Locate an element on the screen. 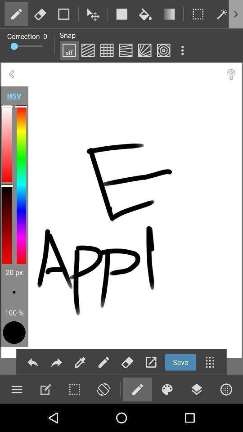 This screenshot has width=243, height=432. the edit icon is located at coordinates (45, 389).